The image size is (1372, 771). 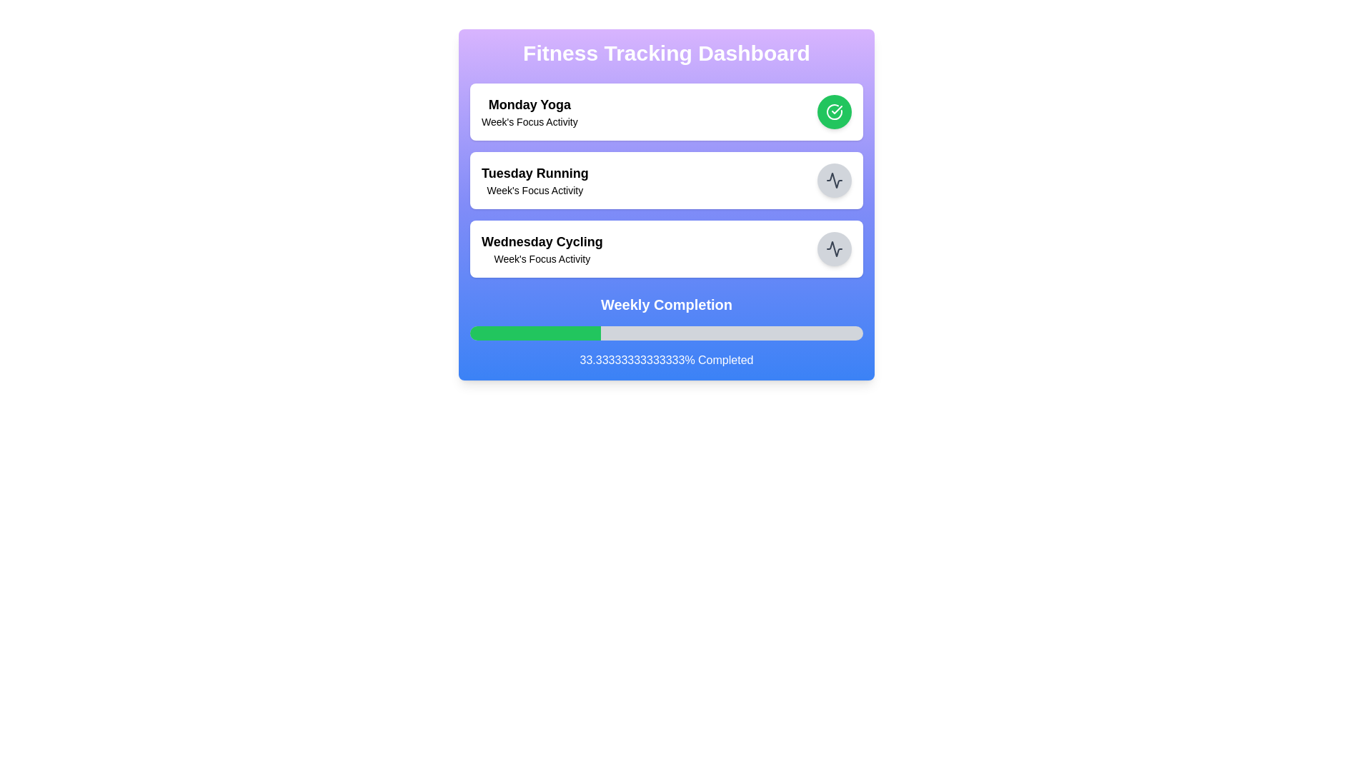 What do you see at coordinates (665, 304) in the screenshot?
I see `the centered text label displaying 'Weekly Completion' to read it` at bounding box center [665, 304].